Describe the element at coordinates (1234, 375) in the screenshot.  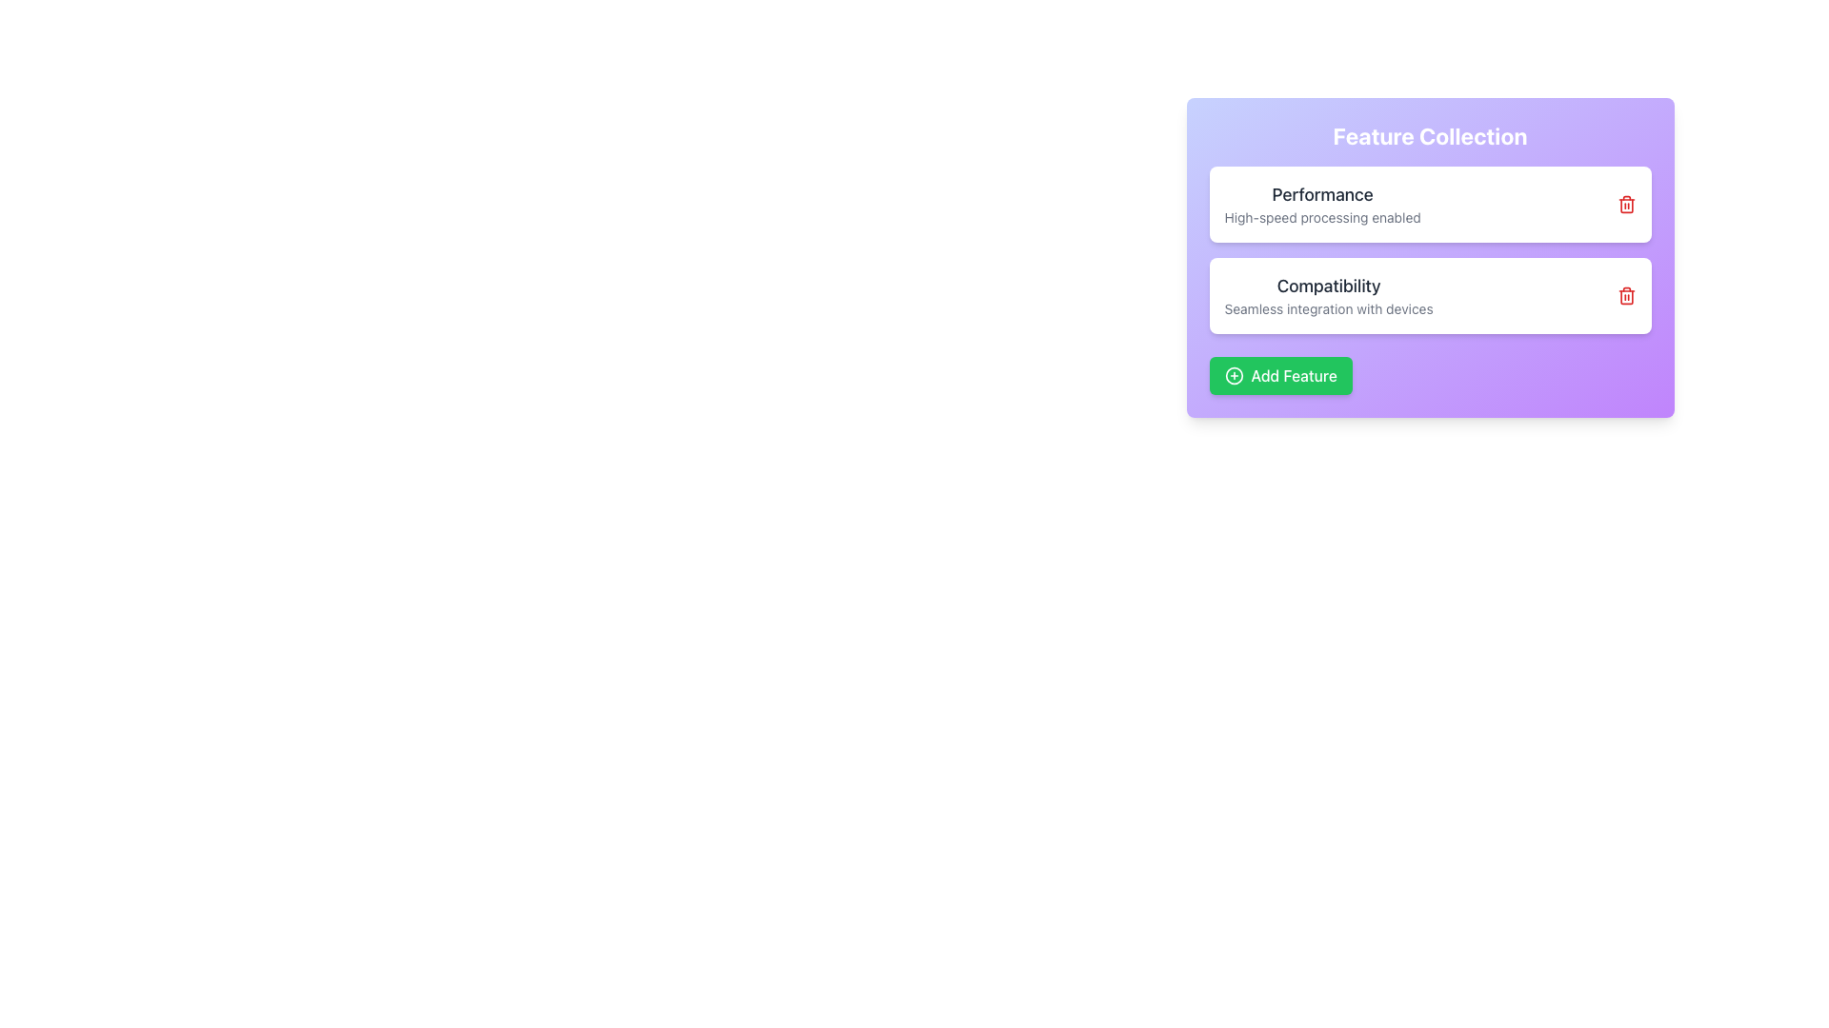
I see `the icon on the left side of the 'Add Feature' button within the 'Feature Collection' card to initiate the associated addition functionality` at that location.